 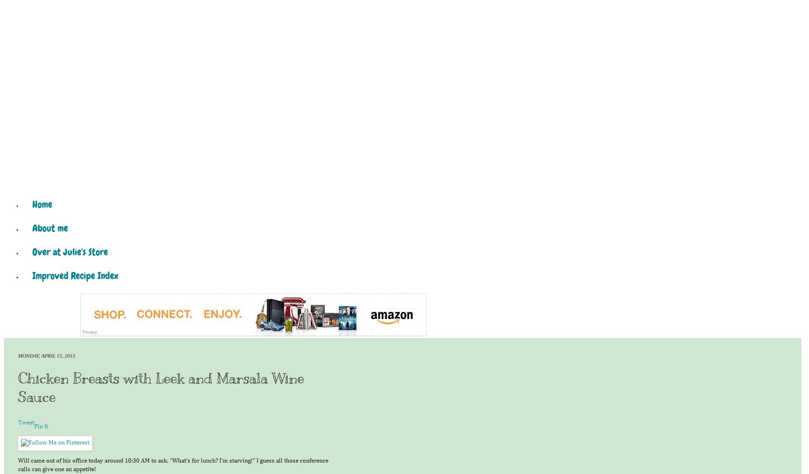 What do you see at coordinates (26, 422) in the screenshot?
I see `'Tweet'` at bounding box center [26, 422].